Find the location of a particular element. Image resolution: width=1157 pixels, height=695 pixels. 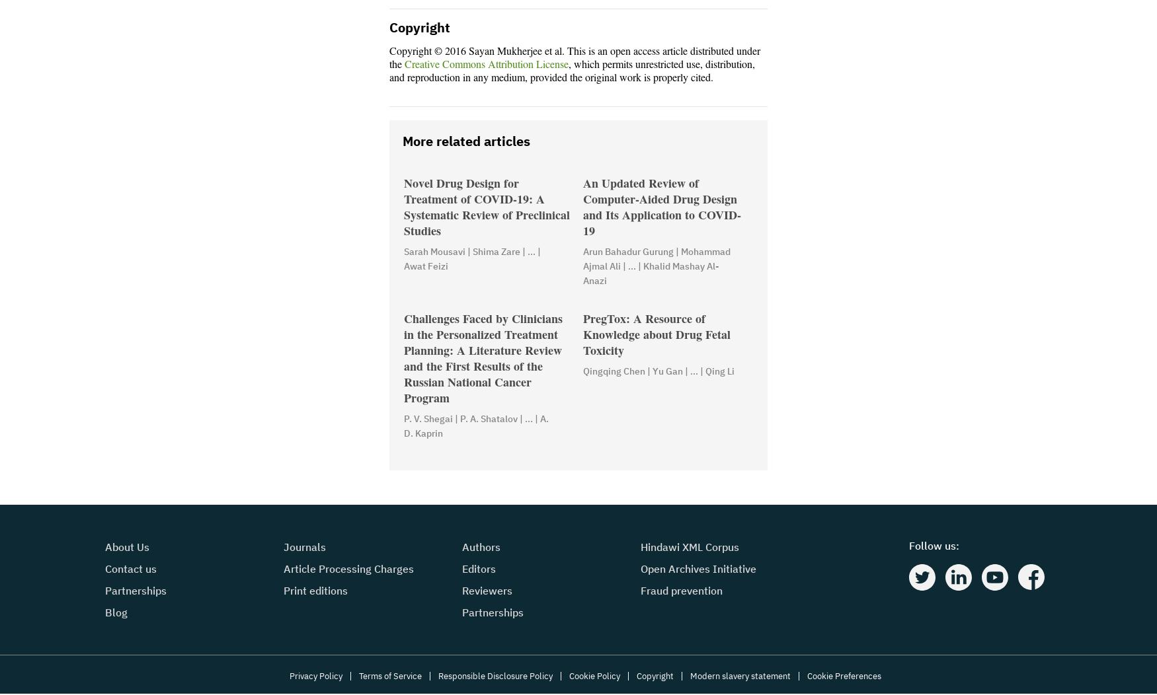

'Cookie Preferences' is located at coordinates (842, 676).